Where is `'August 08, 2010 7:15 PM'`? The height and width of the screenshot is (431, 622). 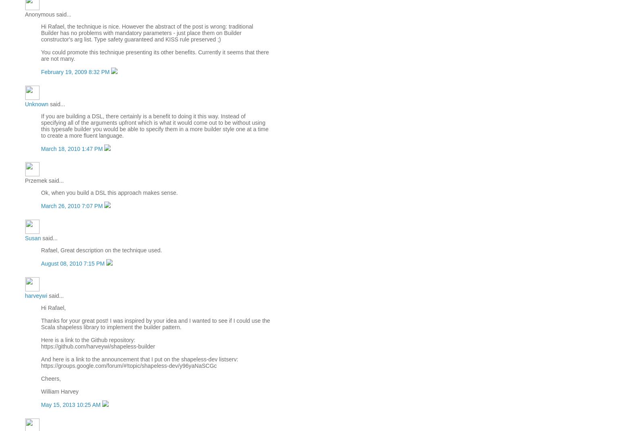
'August 08, 2010 7:15 PM' is located at coordinates (73, 263).